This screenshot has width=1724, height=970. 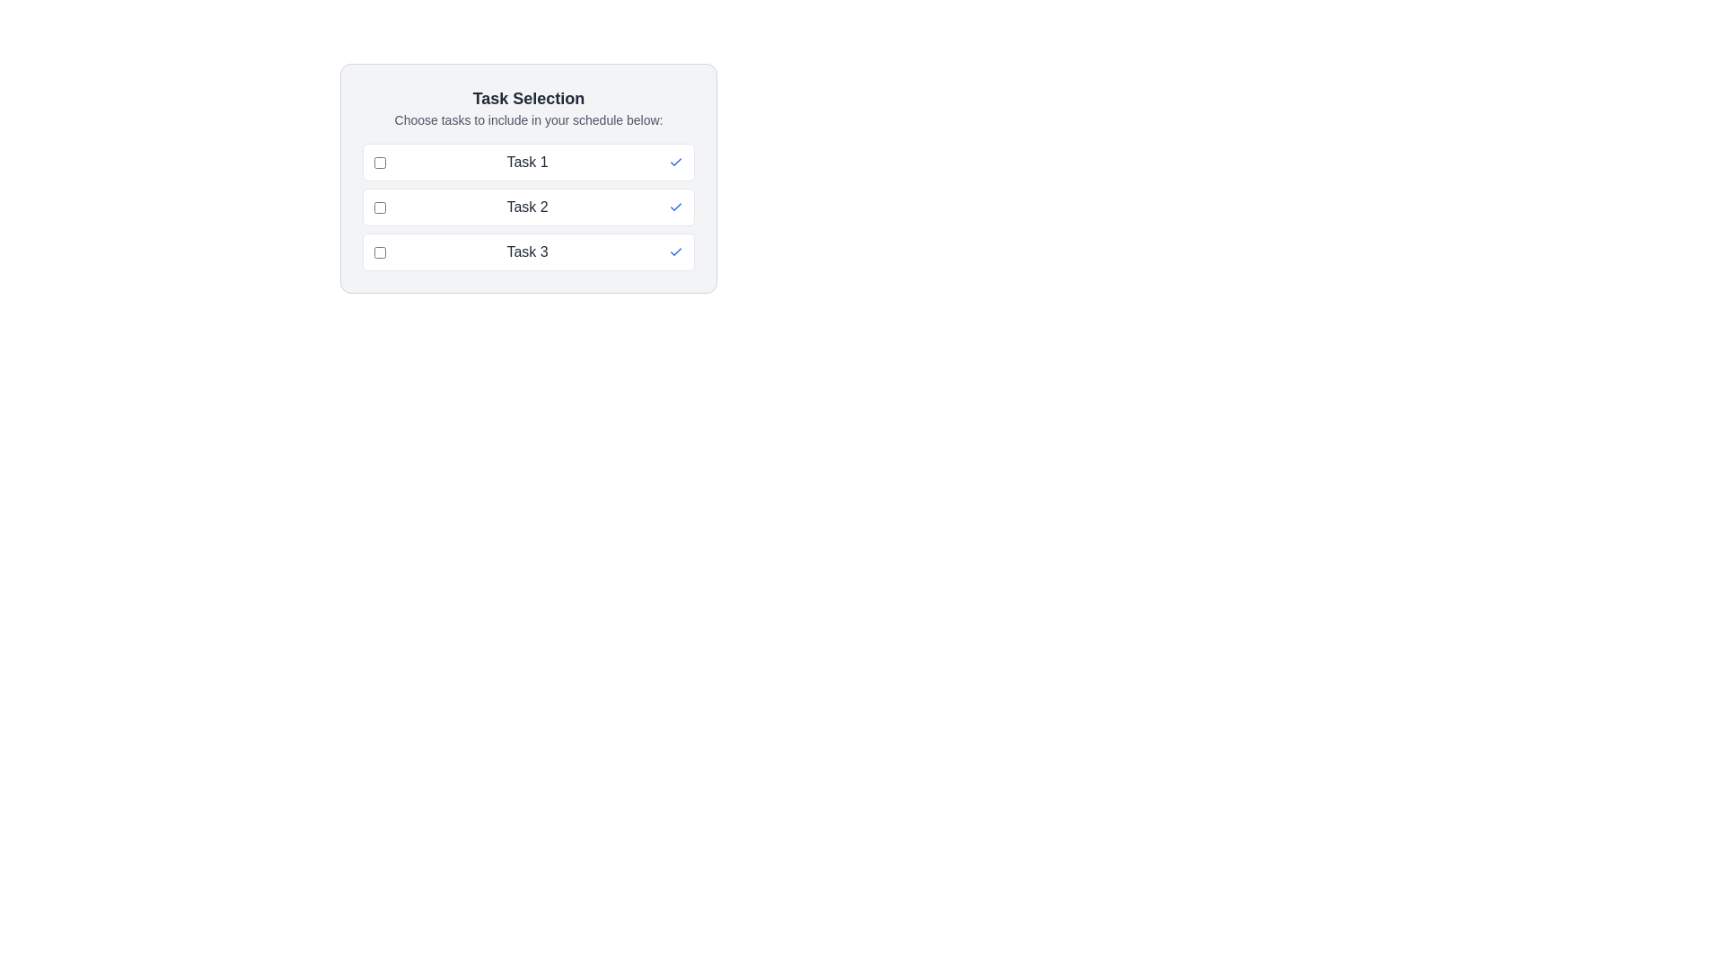 I want to click on the status indicator icon for 'Task 1' to recognize whether the task has been selected or completed, so click(x=675, y=163).